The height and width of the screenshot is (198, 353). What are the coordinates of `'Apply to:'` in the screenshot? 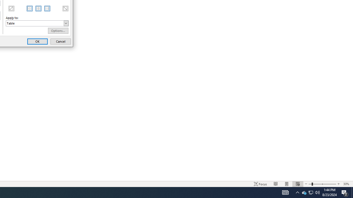 It's located at (37, 23).